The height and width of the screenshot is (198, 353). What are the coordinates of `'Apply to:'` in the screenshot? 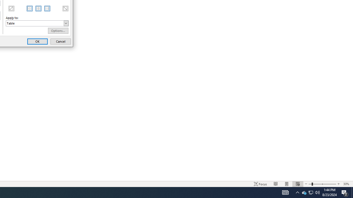 It's located at (37, 23).